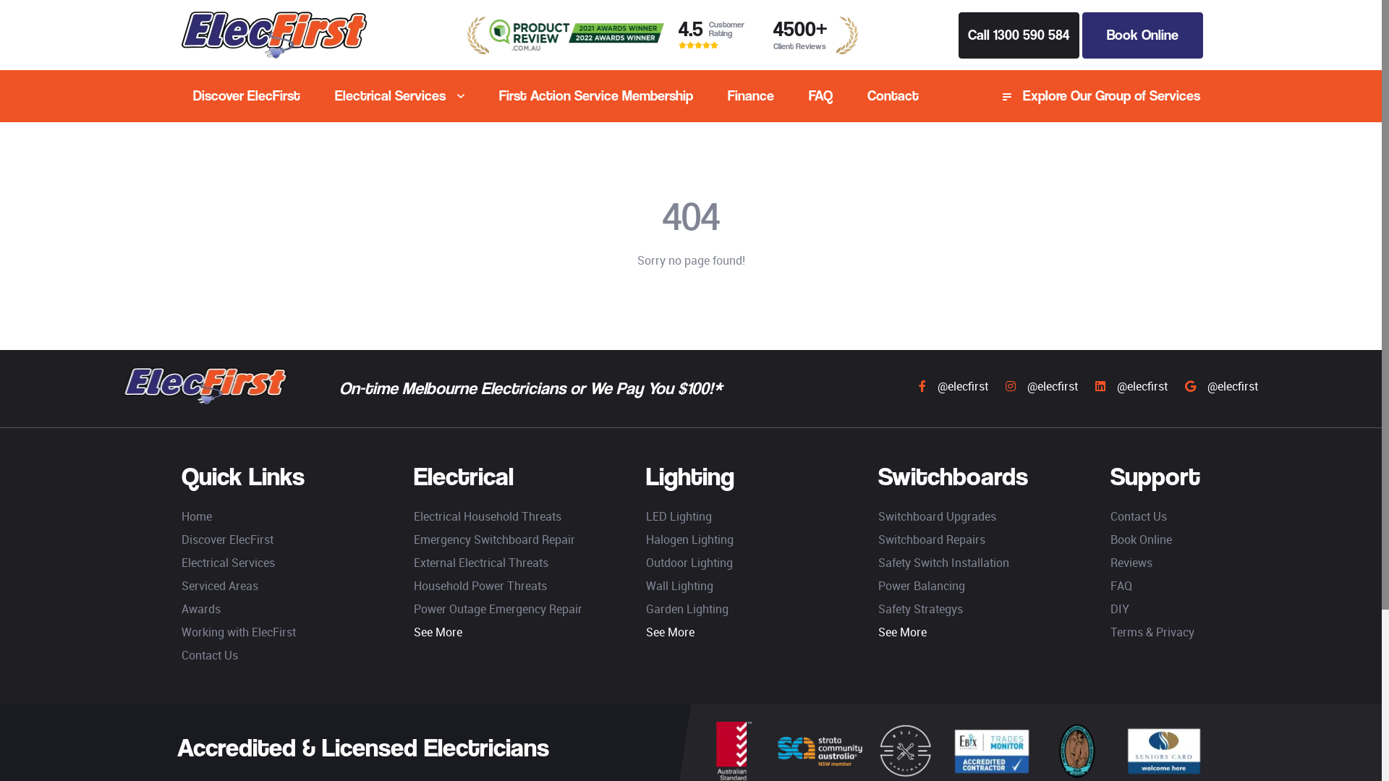 The height and width of the screenshot is (781, 1389). What do you see at coordinates (1131, 562) in the screenshot?
I see `'Reviews'` at bounding box center [1131, 562].